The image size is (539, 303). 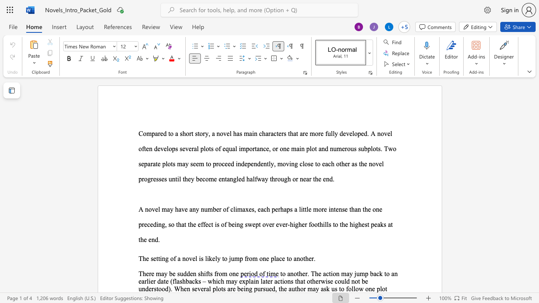 I want to click on the space between the continuous character "b" and "e" in the text, so click(x=232, y=224).